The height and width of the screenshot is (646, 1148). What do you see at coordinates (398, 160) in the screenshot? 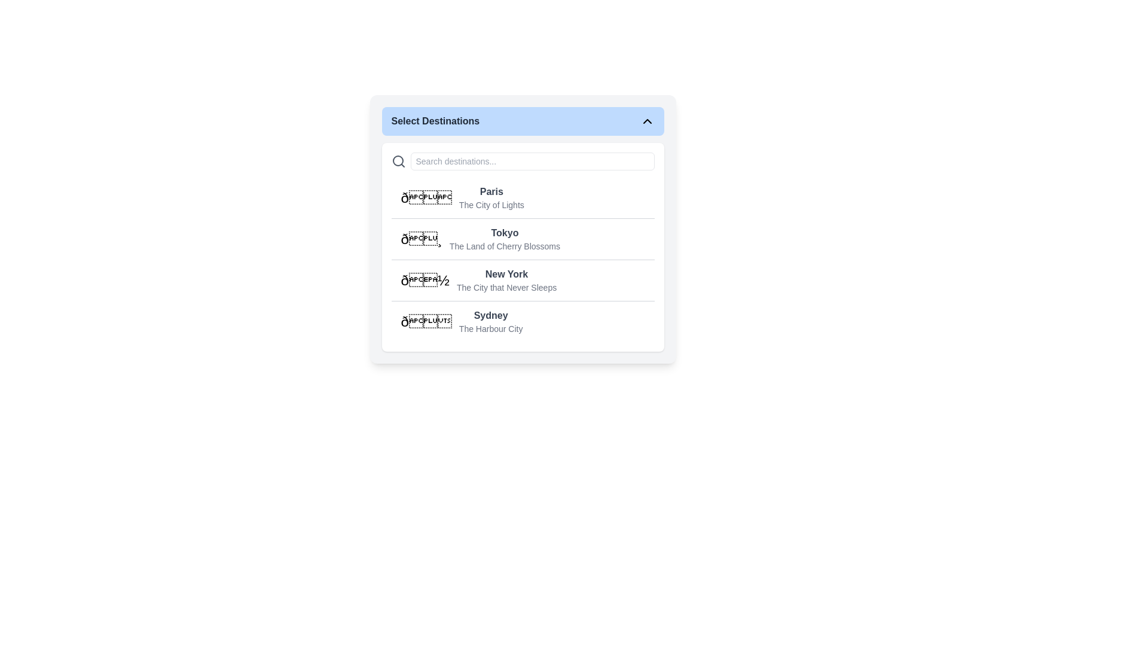
I see `the small circular outline of the search icon located in the top-left corner of the search input field` at bounding box center [398, 160].